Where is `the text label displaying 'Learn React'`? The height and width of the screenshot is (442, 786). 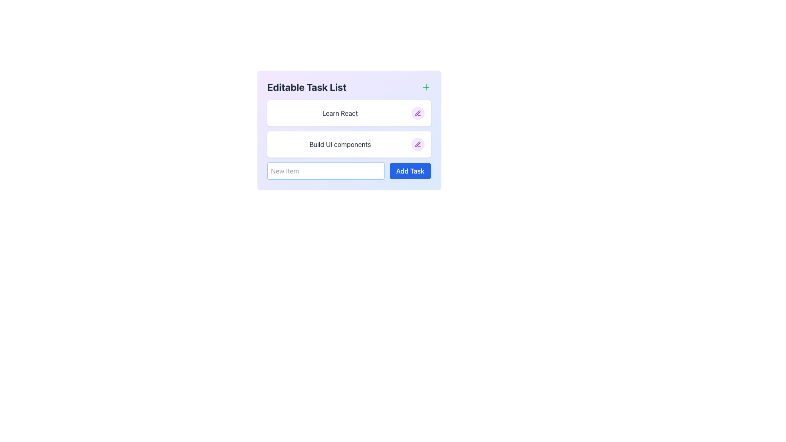
the text label displaying 'Learn React' is located at coordinates (340, 113).